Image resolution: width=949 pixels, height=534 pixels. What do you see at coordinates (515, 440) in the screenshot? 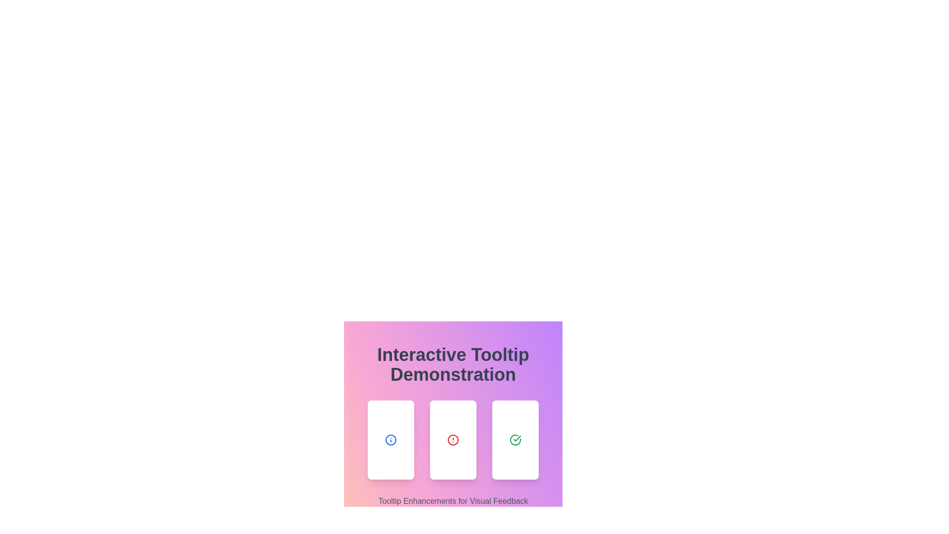
I see `the Information Card, which is the third card from the left in a grid layout, featuring a green check icon in the center and rounded corners` at bounding box center [515, 440].